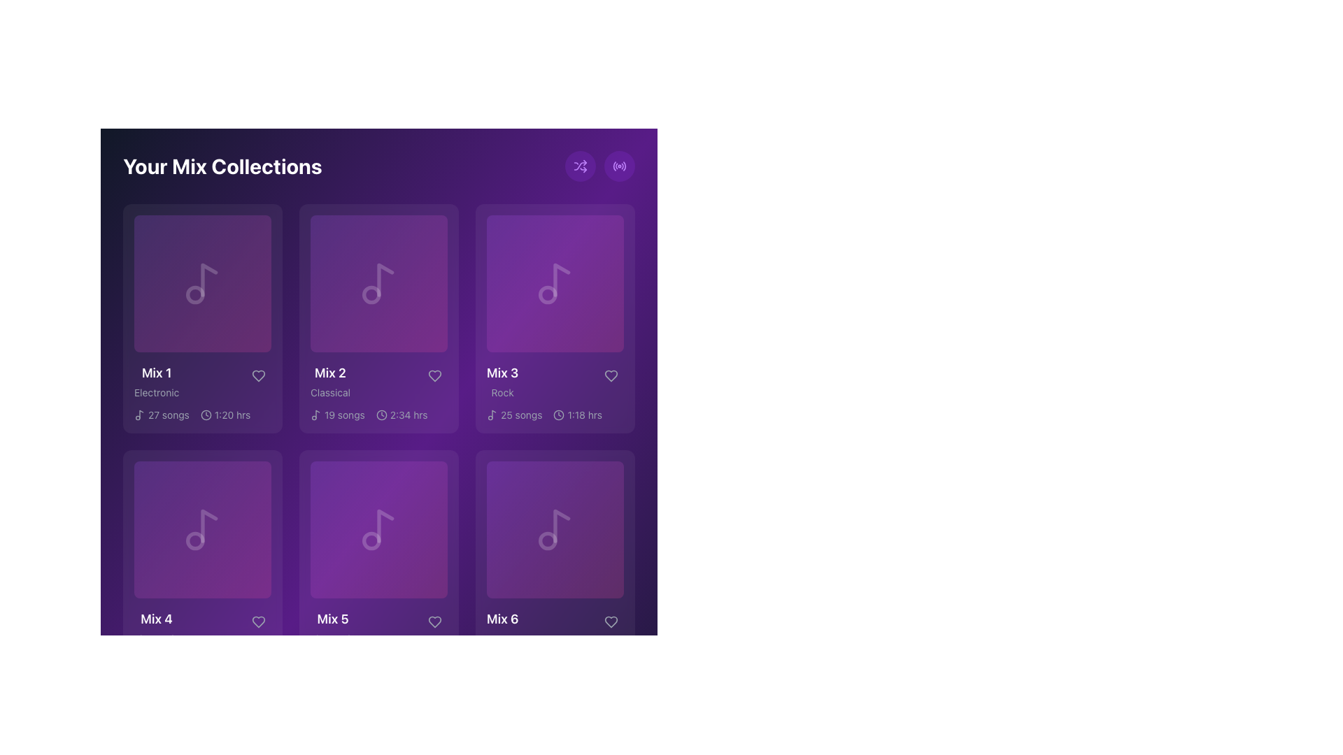 The image size is (1343, 755). What do you see at coordinates (258, 621) in the screenshot?
I see `the favorite icon at the bottom-right corner of the 'Mix 4' card` at bounding box center [258, 621].